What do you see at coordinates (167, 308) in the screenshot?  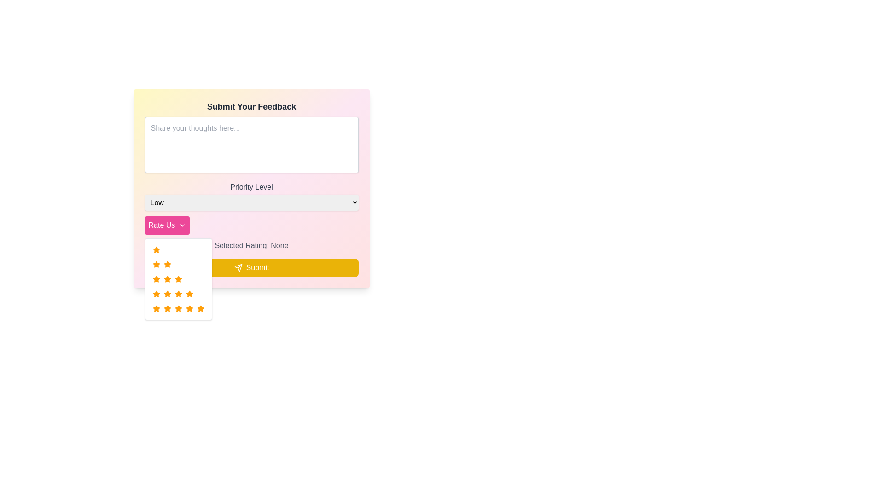 I see `the orange star icon in the fourth row and fourth column of the rating system` at bounding box center [167, 308].